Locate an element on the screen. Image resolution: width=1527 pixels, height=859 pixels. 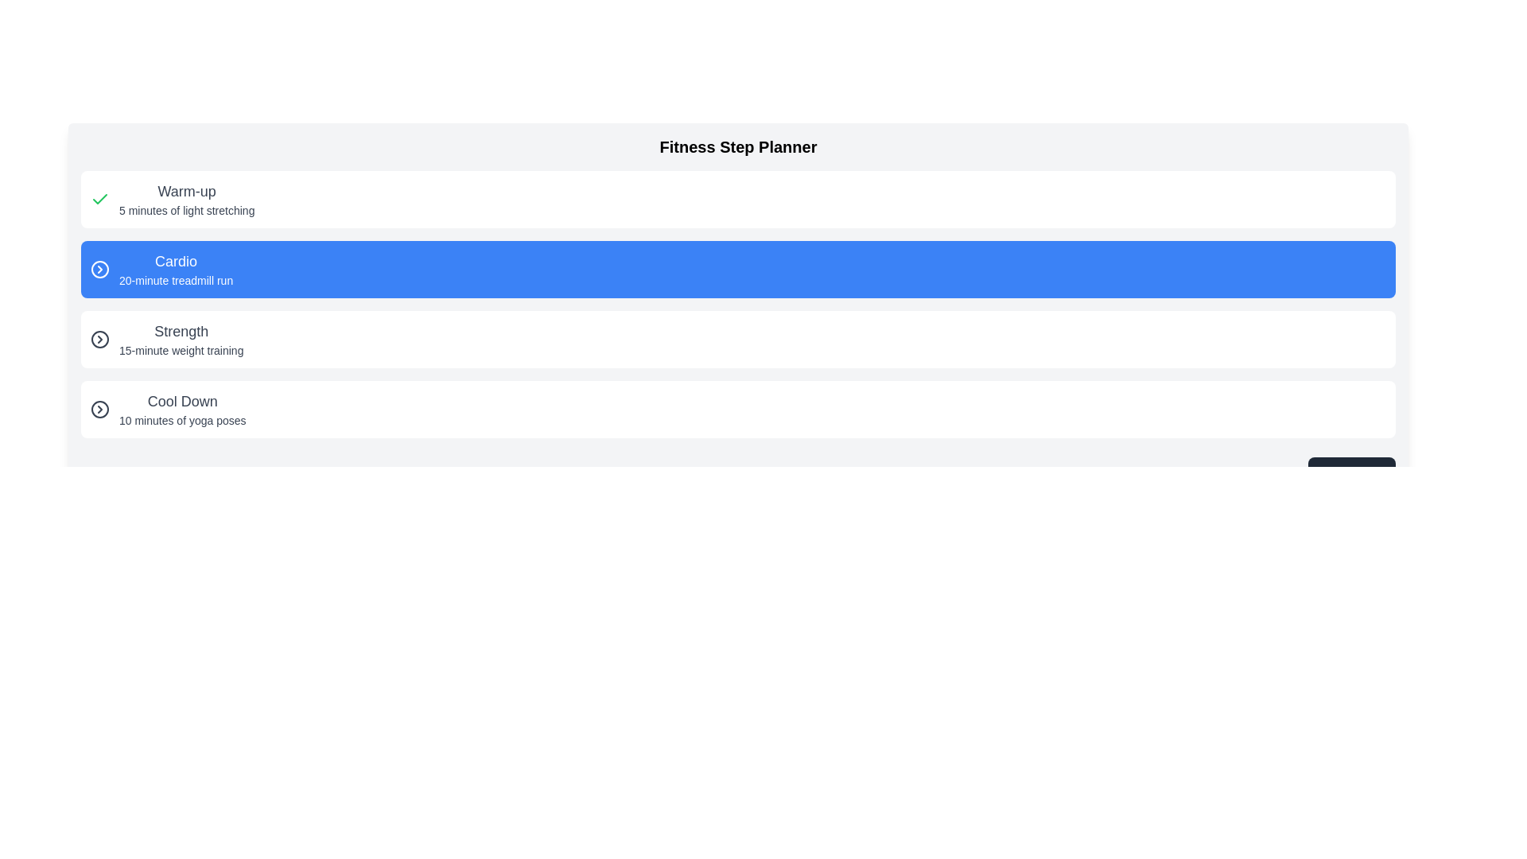
the circular icon with a rightward arrow, which is located to the left of the 'Strength' text in the training steps list is located at coordinates (99, 339).